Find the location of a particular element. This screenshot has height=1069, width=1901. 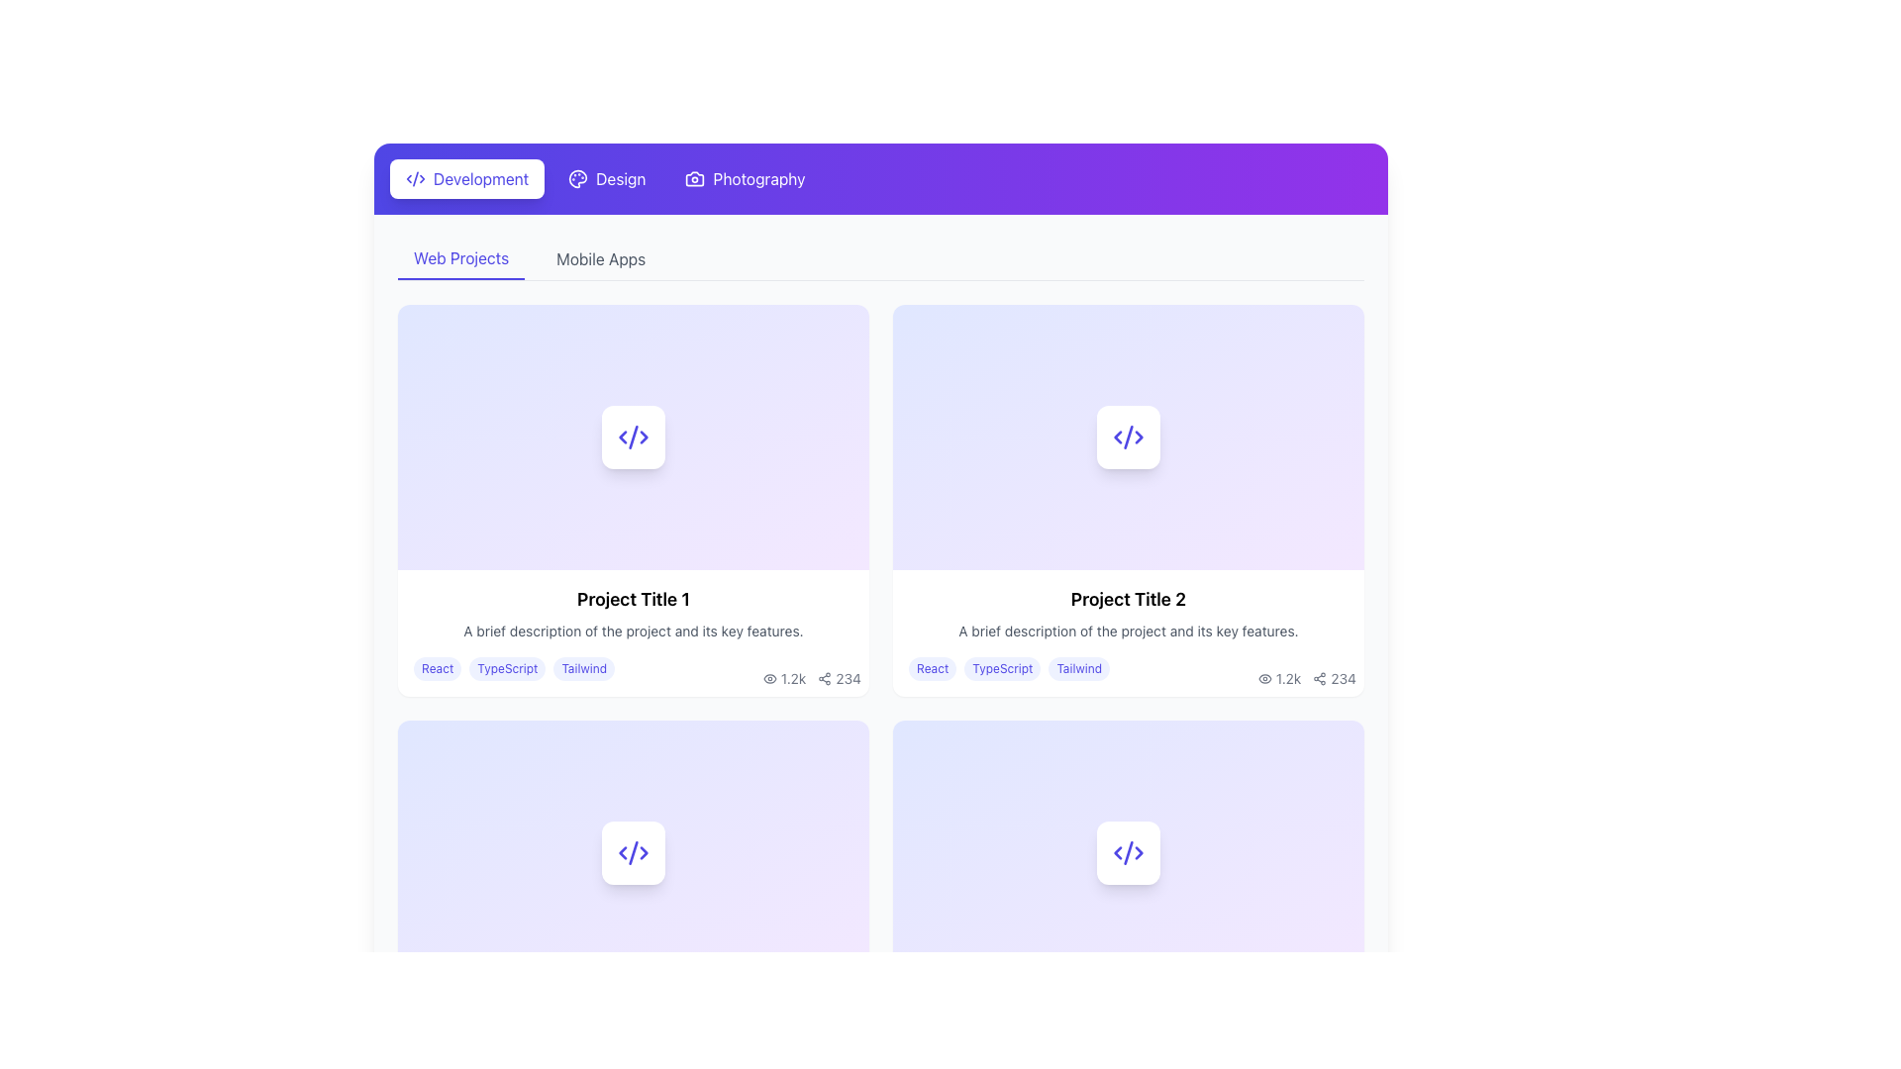

the favorite icon button located in the top-right corner of the second project card is located at coordinates (1340, 327).